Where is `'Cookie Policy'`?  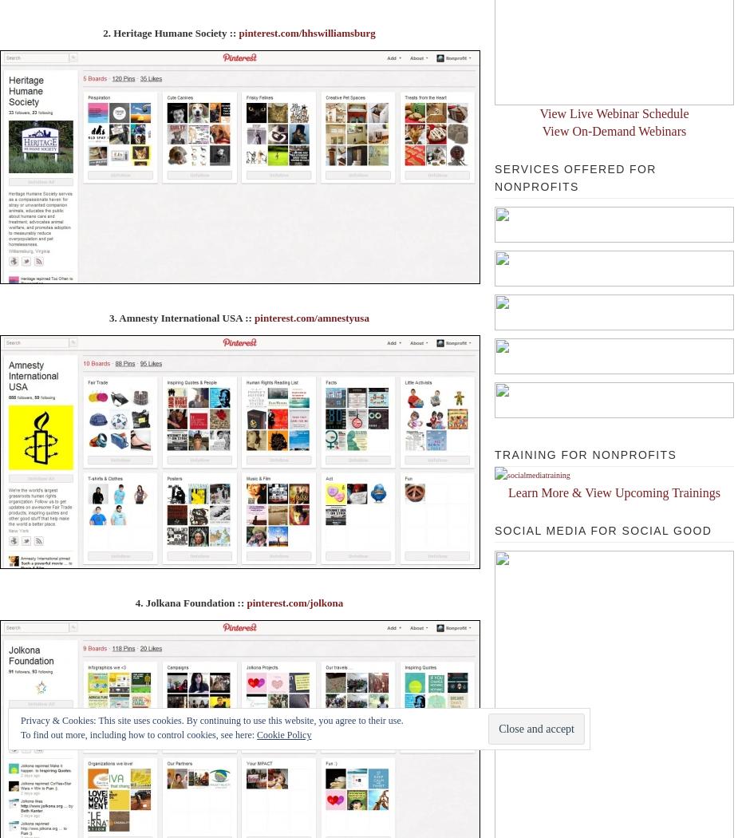
'Cookie Policy' is located at coordinates (283, 734).